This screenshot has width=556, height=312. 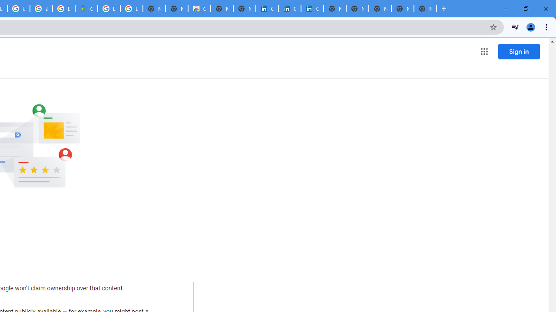 What do you see at coordinates (86, 9) in the screenshot?
I see `'Google Maps'` at bounding box center [86, 9].